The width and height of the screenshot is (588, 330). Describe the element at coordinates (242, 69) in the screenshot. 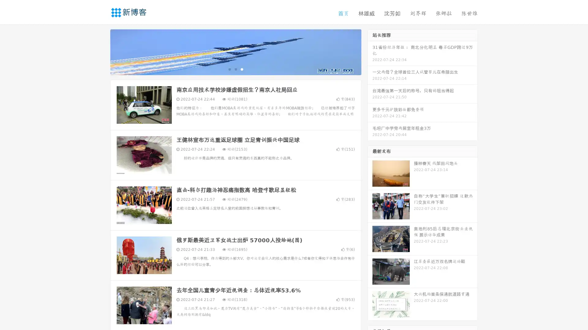

I see `Go to slide 3` at that location.